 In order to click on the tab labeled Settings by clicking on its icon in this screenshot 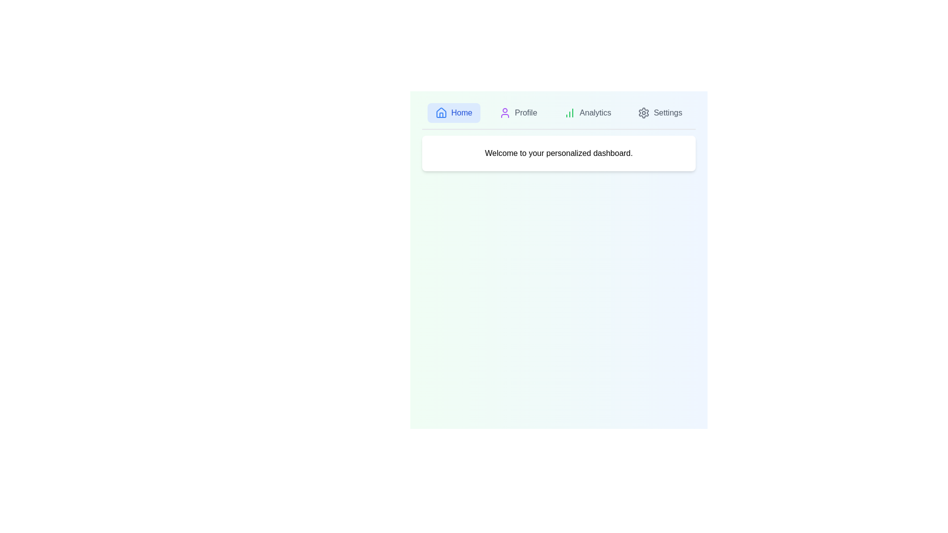, I will do `click(660, 112)`.